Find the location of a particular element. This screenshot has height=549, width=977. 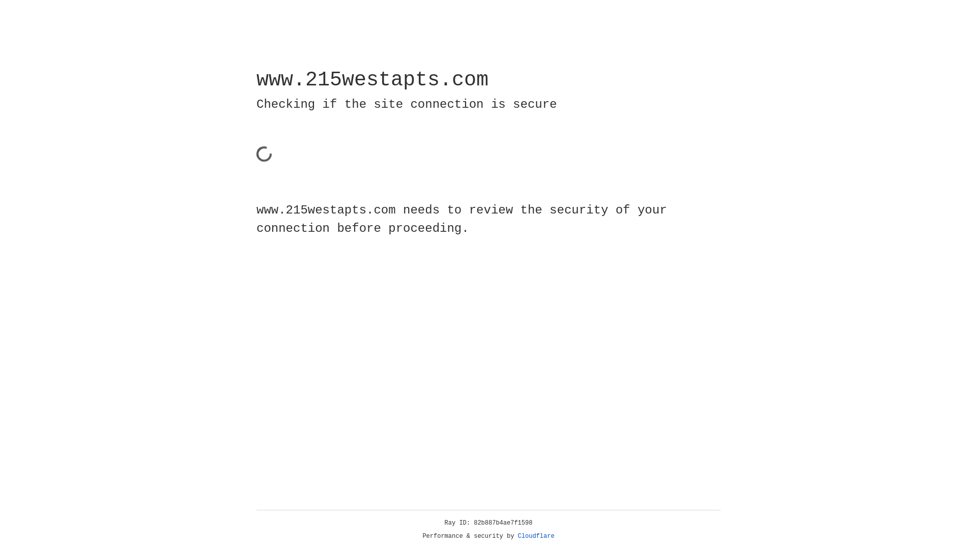

'Cloudflare' is located at coordinates (536, 536).